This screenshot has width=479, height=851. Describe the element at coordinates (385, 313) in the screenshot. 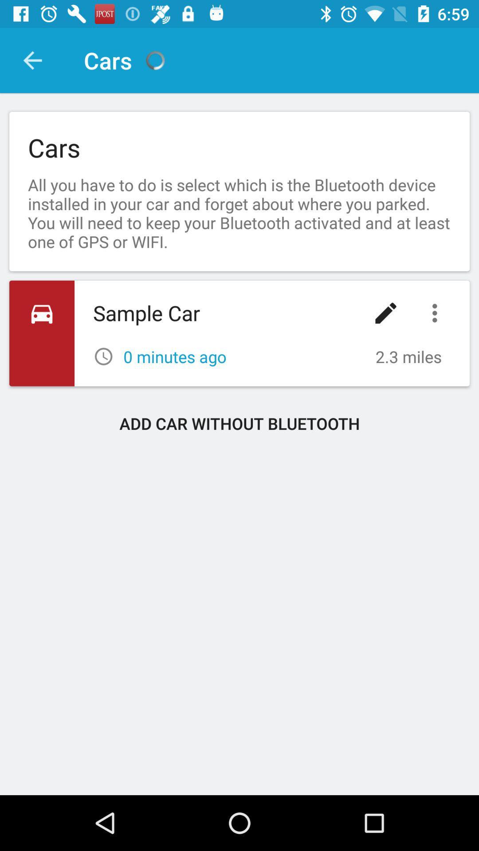

I see `icon to the right of sample car icon` at that location.